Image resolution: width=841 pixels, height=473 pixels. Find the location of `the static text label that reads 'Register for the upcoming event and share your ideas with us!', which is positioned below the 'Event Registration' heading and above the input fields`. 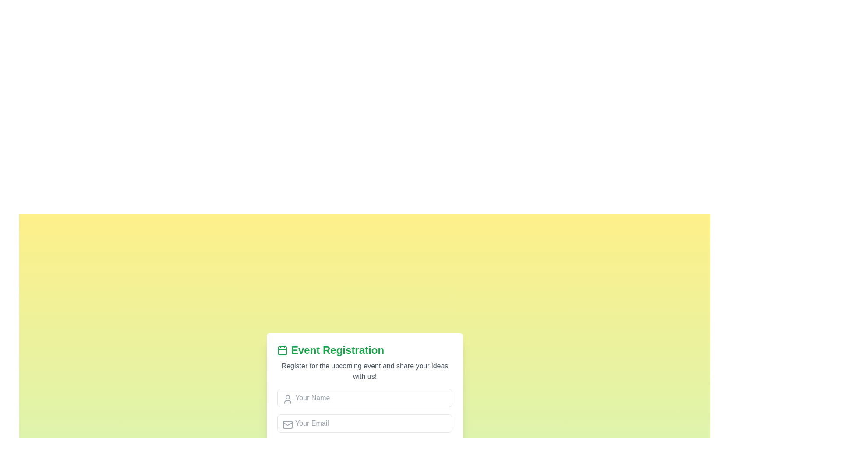

the static text label that reads 'Register for the upcoming event and share your ideas with us!', which is positioned below the 'Event Registration' heading and above the input fields is located at coordinates (365, 371).